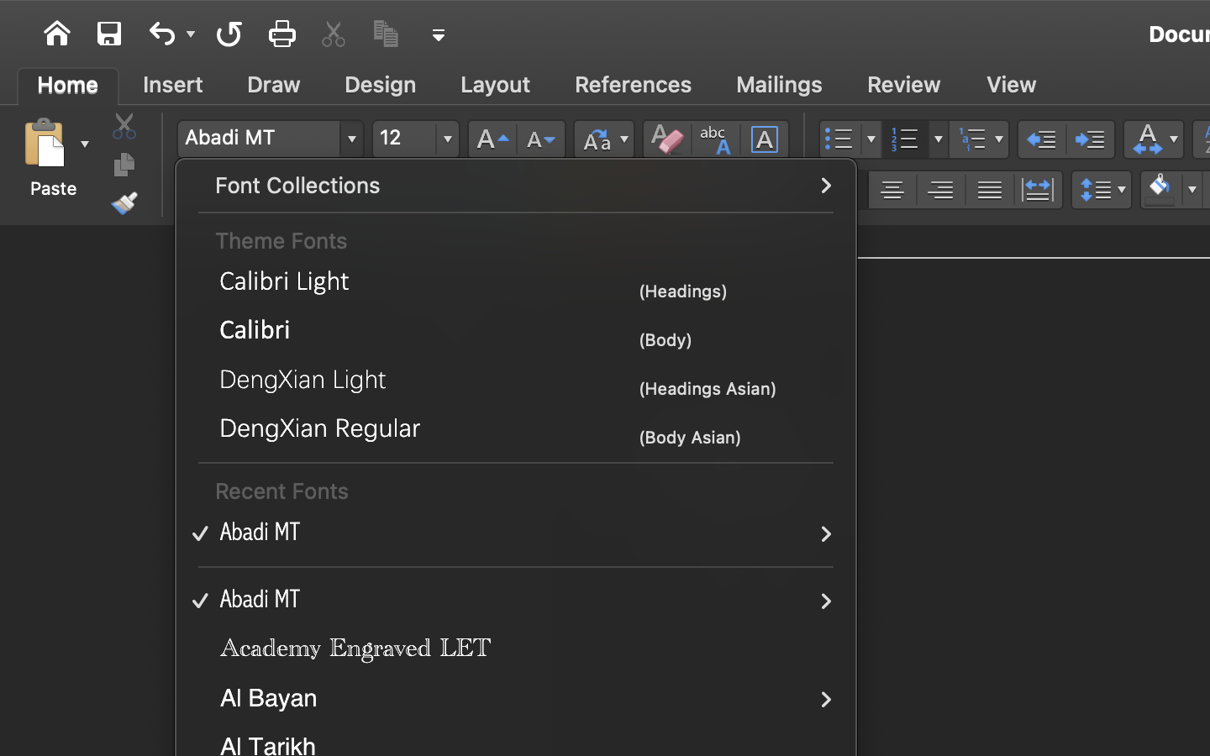 The width and height of the screenshot is (1210, 756). Describe the element at coordinates (415, 139) in the screenshot. I see `'12'` at that location.